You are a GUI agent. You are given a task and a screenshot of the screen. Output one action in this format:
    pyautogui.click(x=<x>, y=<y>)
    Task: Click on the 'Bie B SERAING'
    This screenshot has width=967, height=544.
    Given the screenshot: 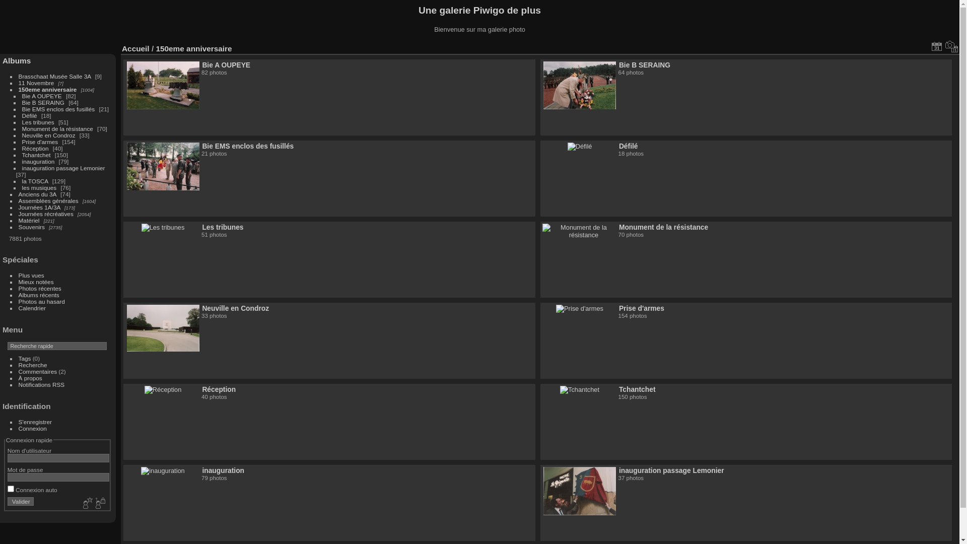 What is the action you would take?
    pyautogui.click(x=43, y=102)
    